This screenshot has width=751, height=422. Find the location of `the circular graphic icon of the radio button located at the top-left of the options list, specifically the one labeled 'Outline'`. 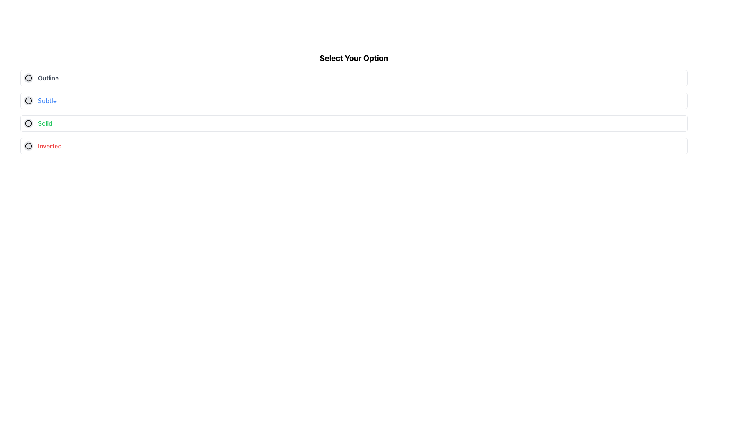

the circular graphic icon of the radio button located at the top-left of the options list, specifically the one labeled 'Outline' is located at coordinates (28, 78).